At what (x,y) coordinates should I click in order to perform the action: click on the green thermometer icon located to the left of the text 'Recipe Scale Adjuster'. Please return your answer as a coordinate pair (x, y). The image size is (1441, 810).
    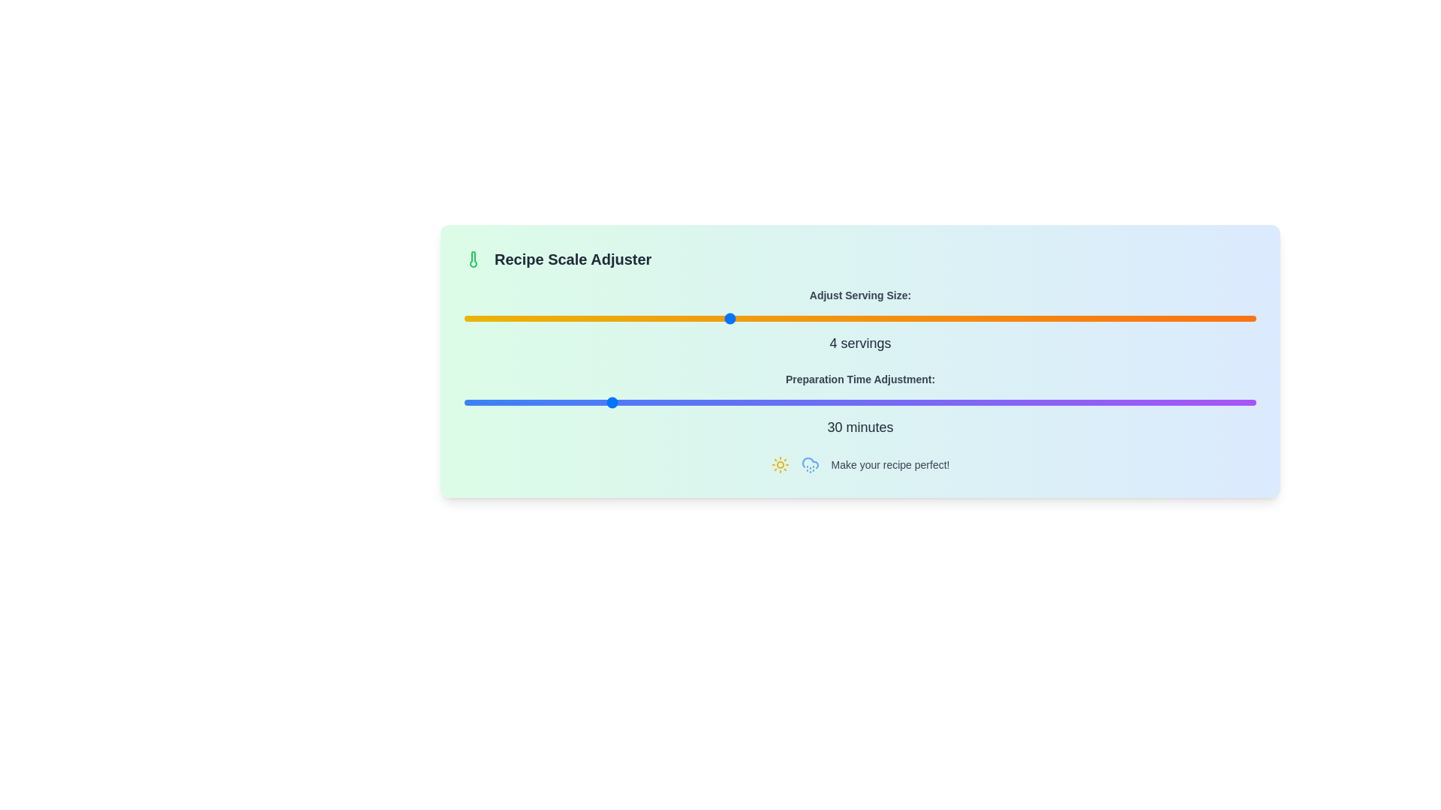
    Looking at the image, I should click on (472, 259).